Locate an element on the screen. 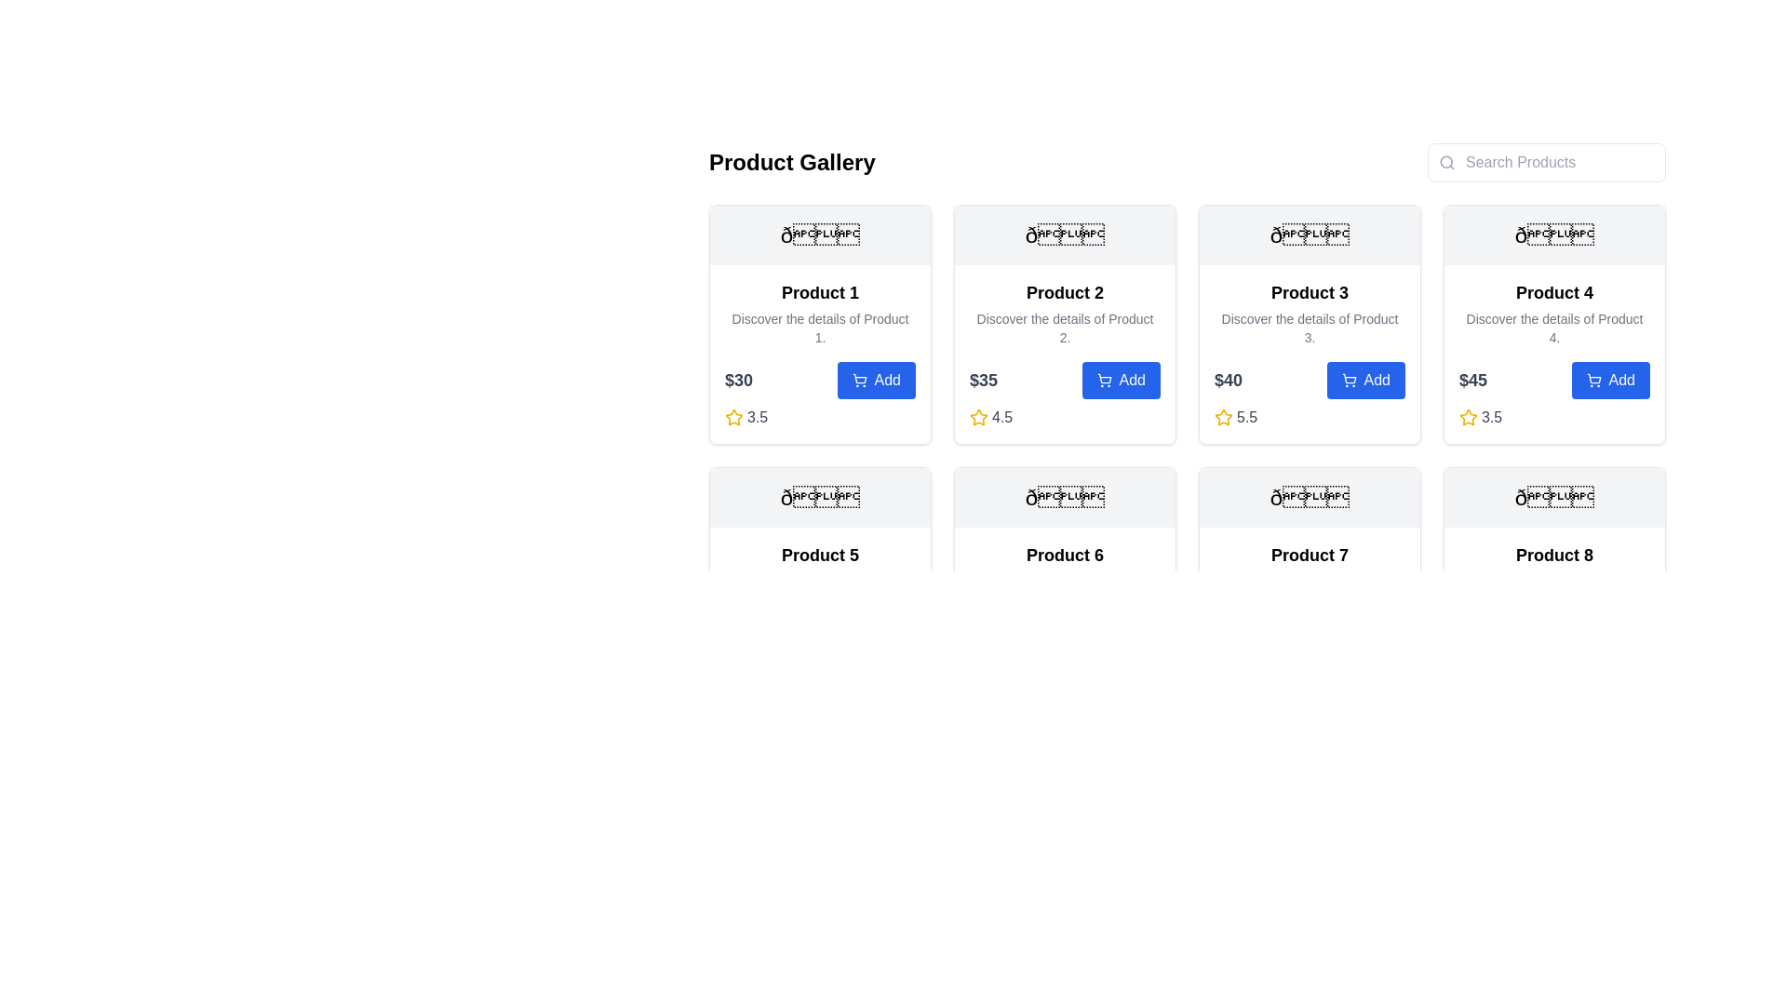 Image resolution: width=1787 pixels, height=1005 pixels. the shopping cart icon embedded within the 'Add' button located at the bottom section of the product card in the interface grid is located at coordinates (858, 379).